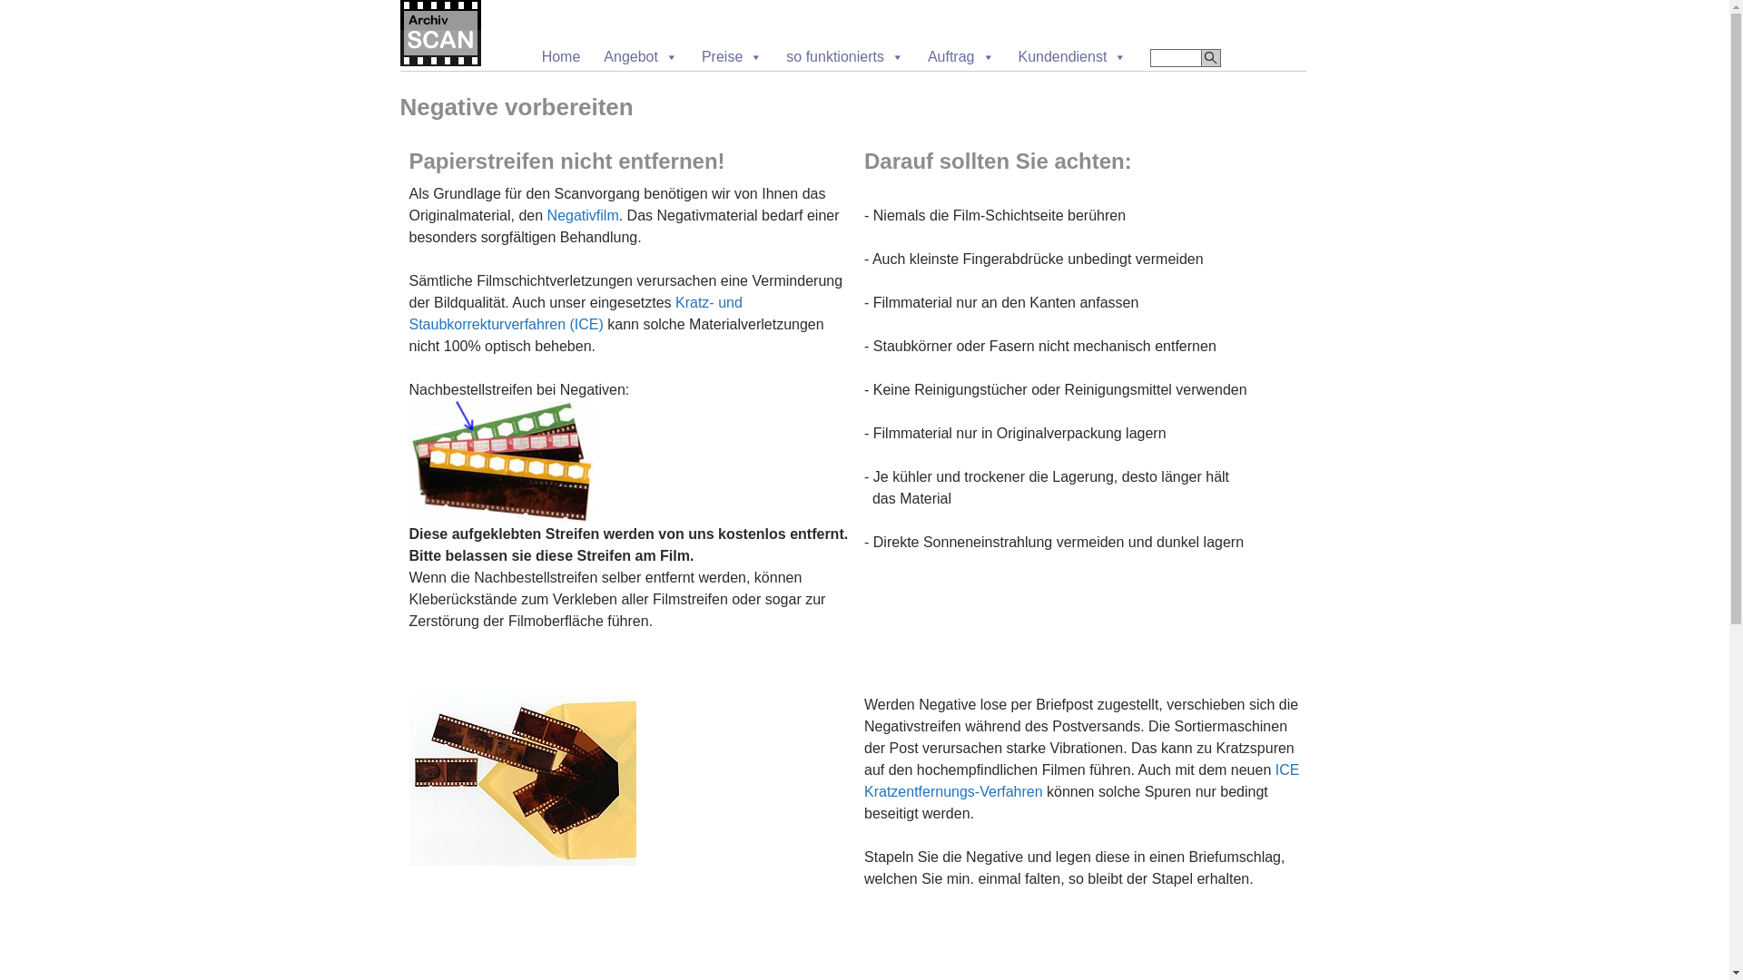 The height and width of the screenshot is (980, 1743). What do you see at coordinates (560, 55) in the screenshot?
I see `'Home'` at bounding box center [560, 55].